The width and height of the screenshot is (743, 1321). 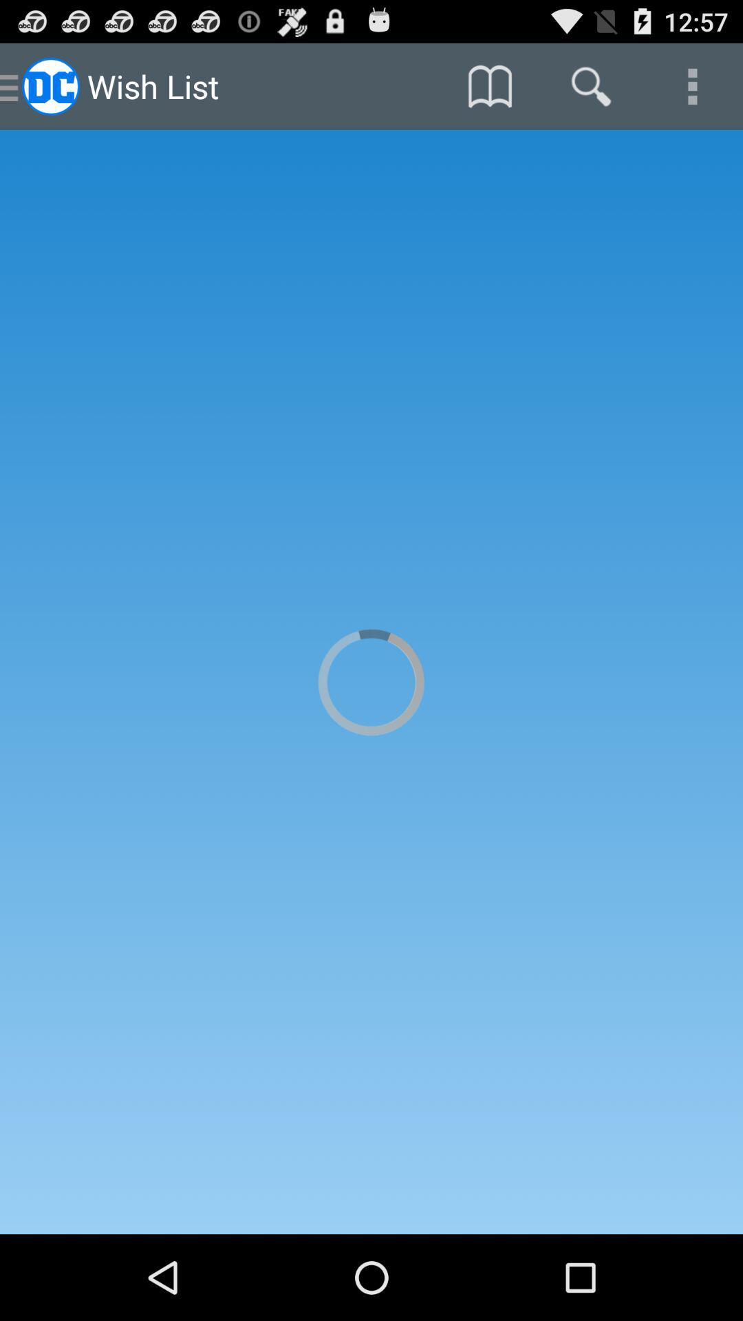 I want to click on the icon above view an item icon, so click(x=692, y=85).